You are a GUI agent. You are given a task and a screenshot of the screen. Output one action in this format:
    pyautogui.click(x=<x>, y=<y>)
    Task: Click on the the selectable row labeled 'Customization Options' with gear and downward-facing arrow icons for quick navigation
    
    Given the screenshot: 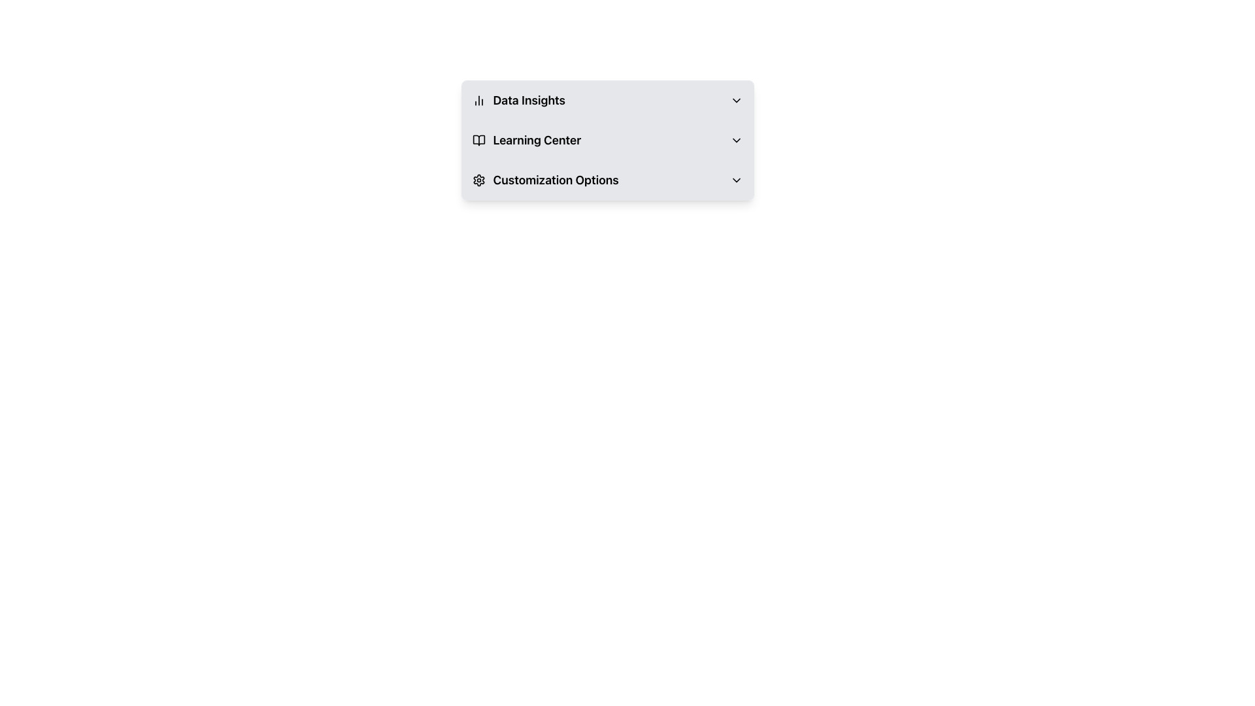 What is the action you would take?
    pyautogui.click(x=607, y=180)
    